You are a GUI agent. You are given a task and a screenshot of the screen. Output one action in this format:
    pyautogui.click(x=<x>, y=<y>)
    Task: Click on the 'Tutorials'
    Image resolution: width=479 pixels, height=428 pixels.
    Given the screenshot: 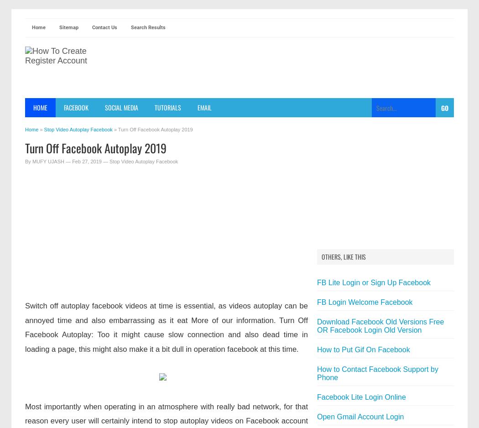 What is the action you would take?
    pyautogui.click(x=154, y=107)
    